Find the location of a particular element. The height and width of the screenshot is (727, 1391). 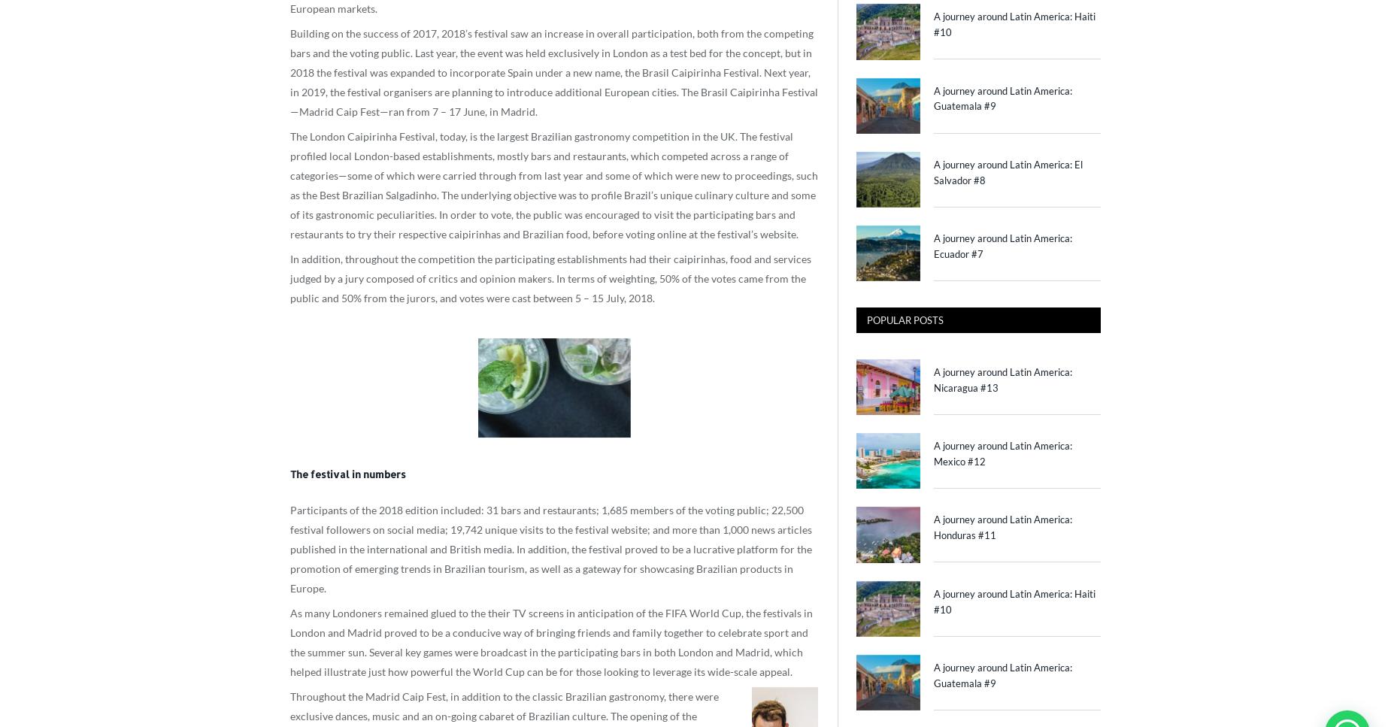

'In addition, throughout the competition the participating establishments had their caipirinhas, food and services judged by a jury composed of critics and opinion makers. In terms of weighting, 50% of the votes came from the public and 50% from the jurors, and votes were cast between 5 – 15 July, 2018.' is located at coordinates (550, 277).